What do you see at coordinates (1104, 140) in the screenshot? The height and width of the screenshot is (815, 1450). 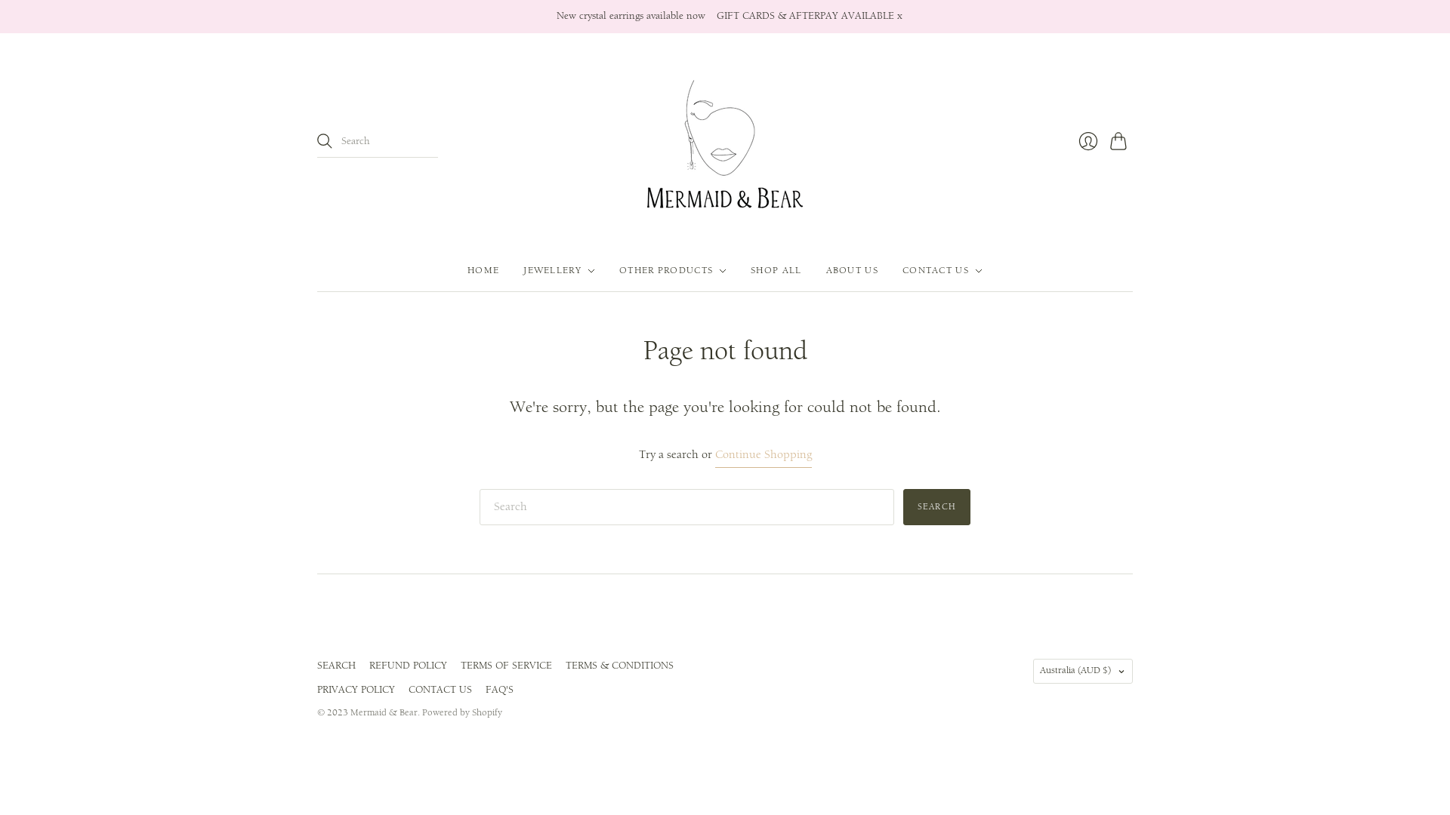 I see `'Cart'` at bounding box center [1104, 140].